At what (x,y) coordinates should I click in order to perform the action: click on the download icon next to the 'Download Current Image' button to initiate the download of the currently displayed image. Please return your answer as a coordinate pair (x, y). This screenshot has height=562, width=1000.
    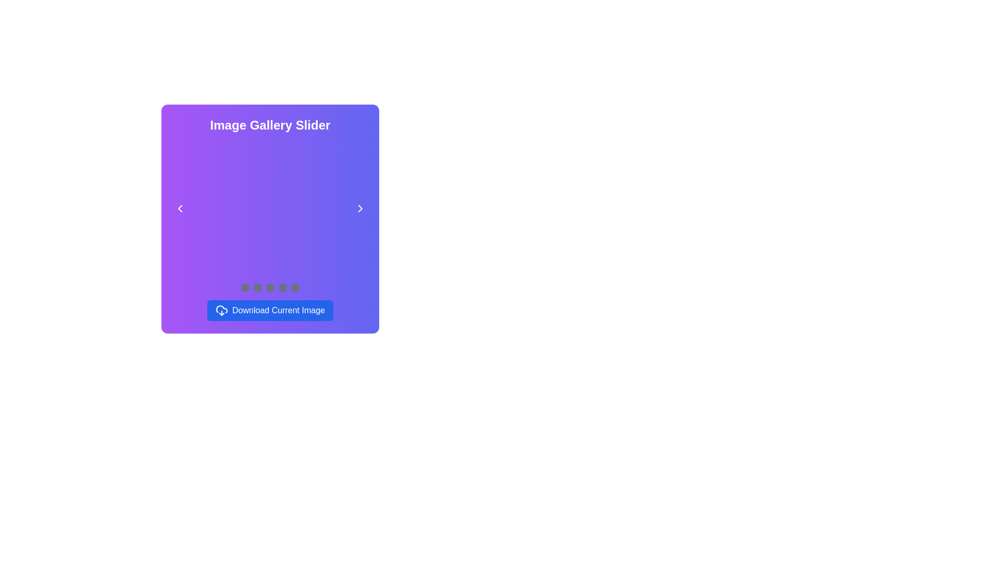
    Looking at the image, I should click on (221, 310).